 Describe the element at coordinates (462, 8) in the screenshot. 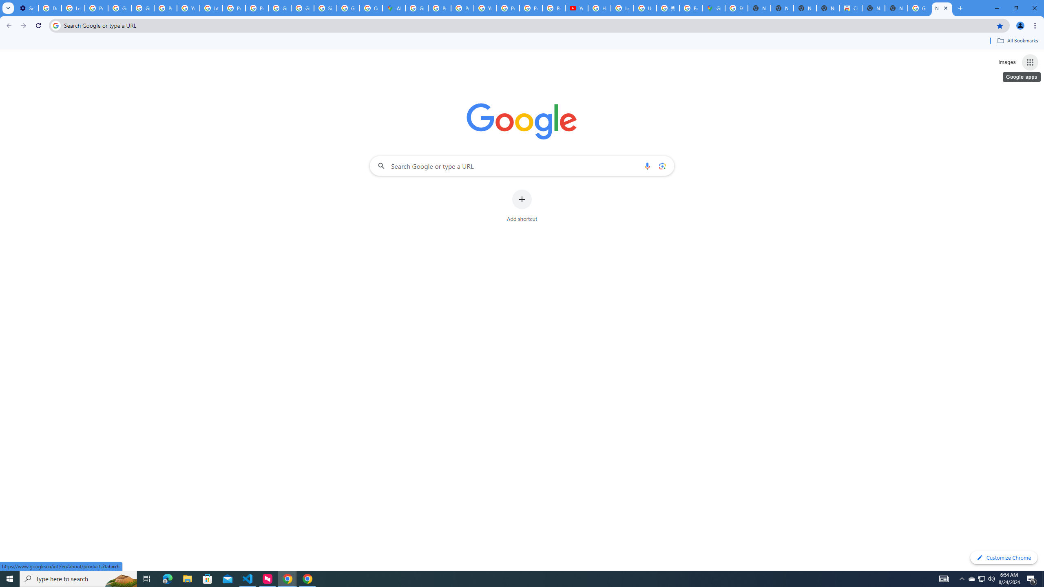

I see `'Privacy Help Center - Policies Help'` at that location.